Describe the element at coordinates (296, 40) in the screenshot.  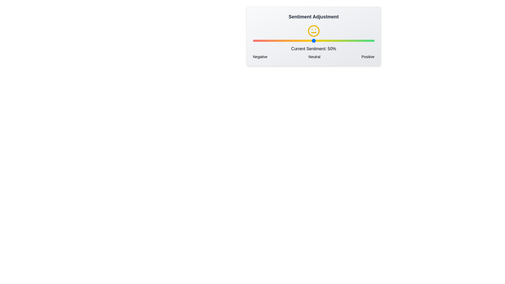
I see `the sentiment slider to 36%` at that location.